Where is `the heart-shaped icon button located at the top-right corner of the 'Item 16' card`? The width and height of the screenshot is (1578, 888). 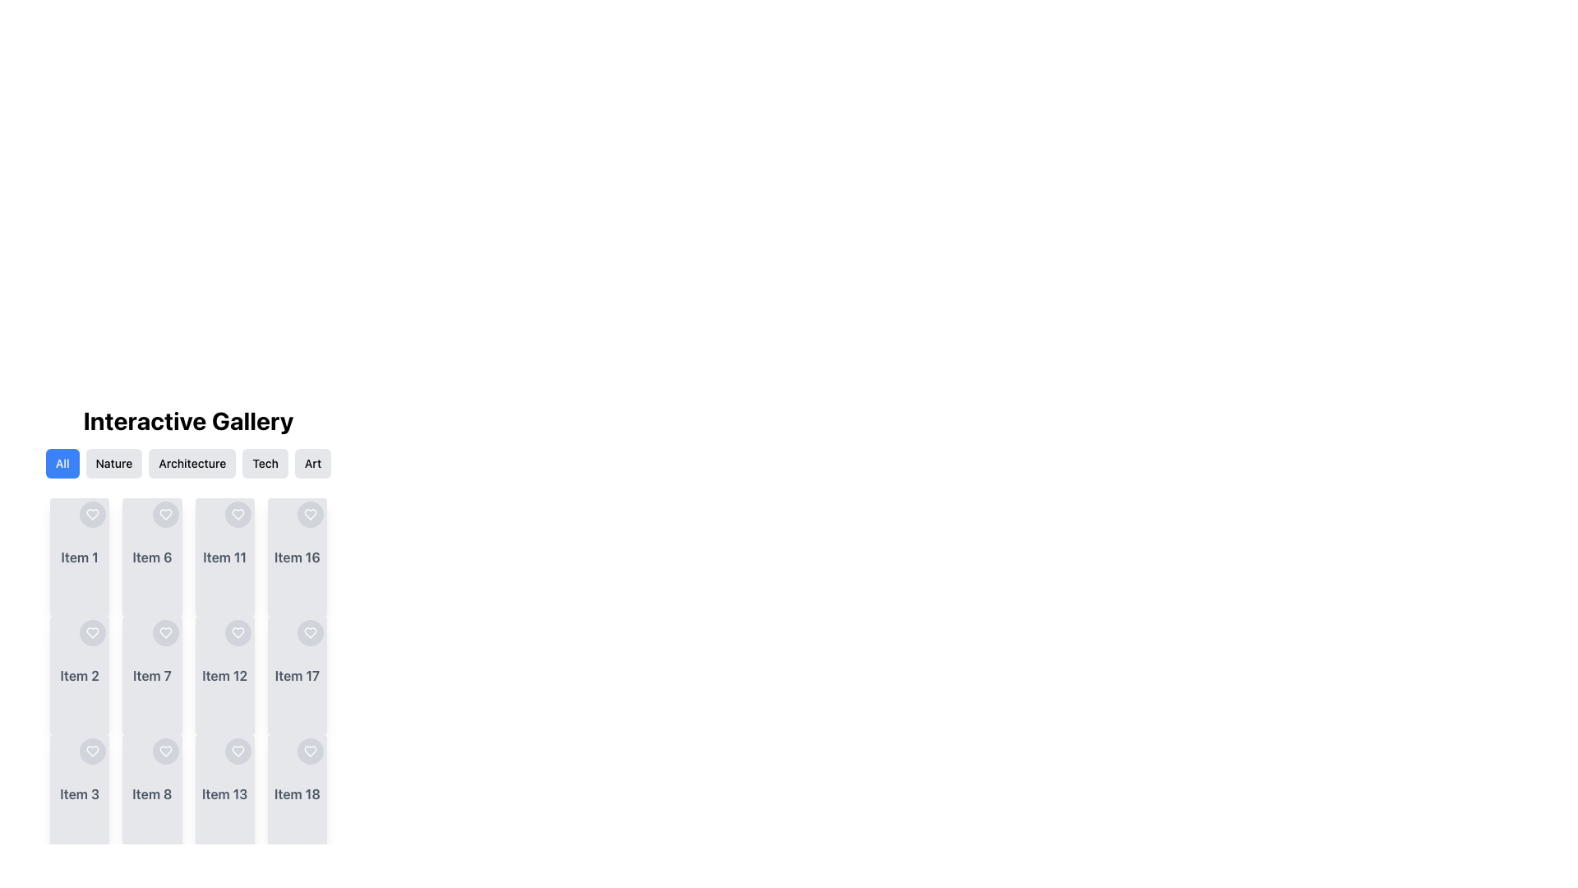
the heart-shaped icon button located at the top-right corner of the 'Item 16' card is located at coordinates (311, 513).